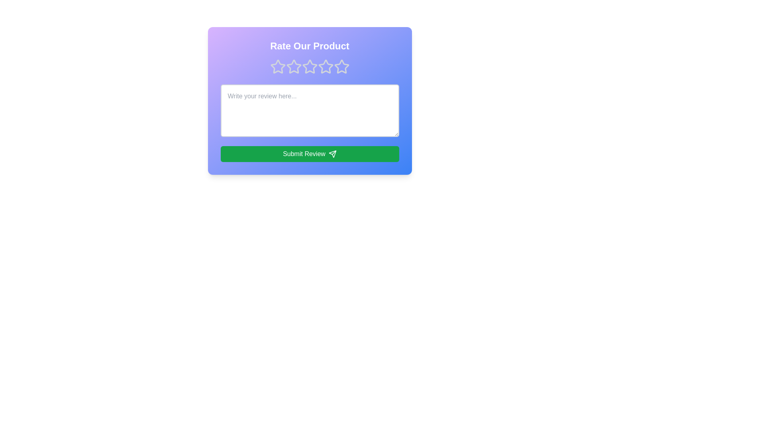 This screenshot has height=430, width=765. I want to click on the third hollow star icon in the rating widget, so click(326, 66).